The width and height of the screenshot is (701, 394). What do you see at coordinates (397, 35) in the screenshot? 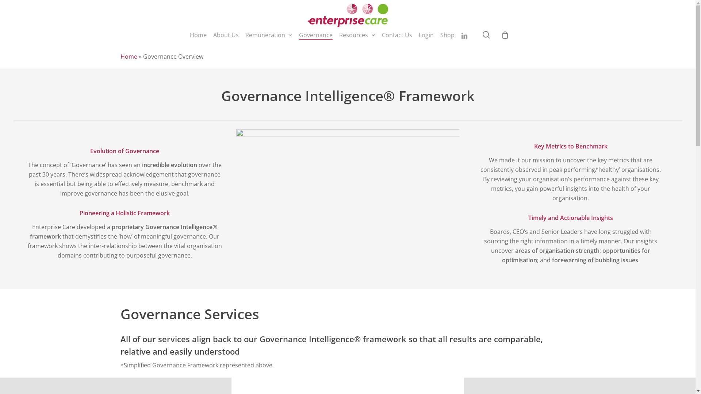
I see `'Contact Us'` at bounding box center [397, 35].